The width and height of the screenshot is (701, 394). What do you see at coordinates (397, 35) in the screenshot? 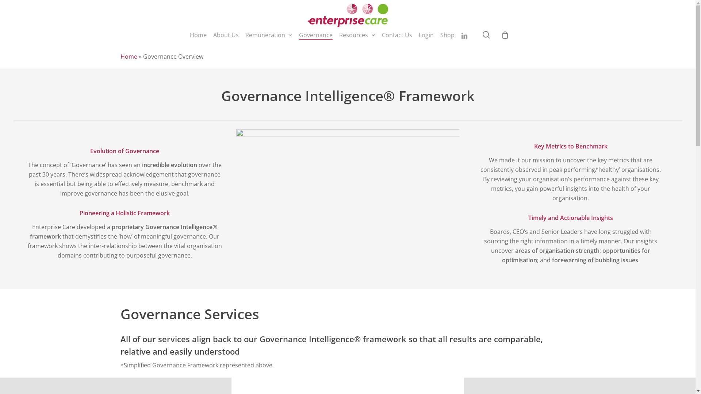
I see `'Contact Us'` at bounding box center [397, 35].